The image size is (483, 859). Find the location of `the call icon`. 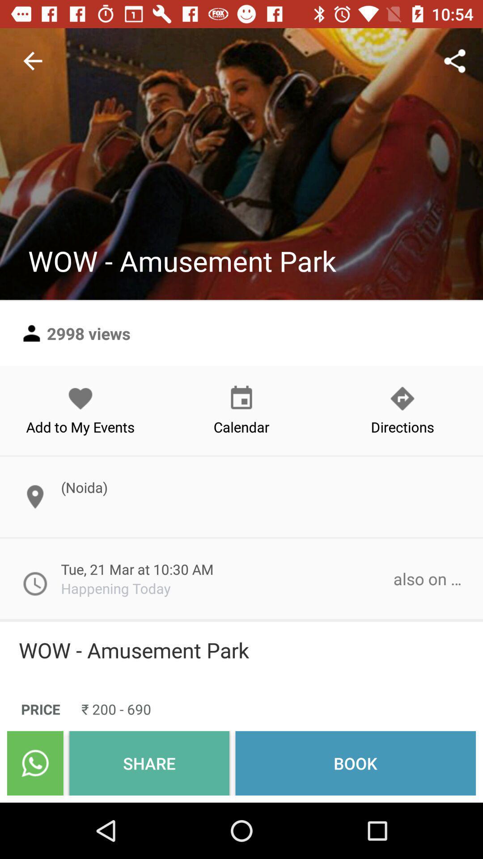

the call icon is located at coordinates (34, 763).